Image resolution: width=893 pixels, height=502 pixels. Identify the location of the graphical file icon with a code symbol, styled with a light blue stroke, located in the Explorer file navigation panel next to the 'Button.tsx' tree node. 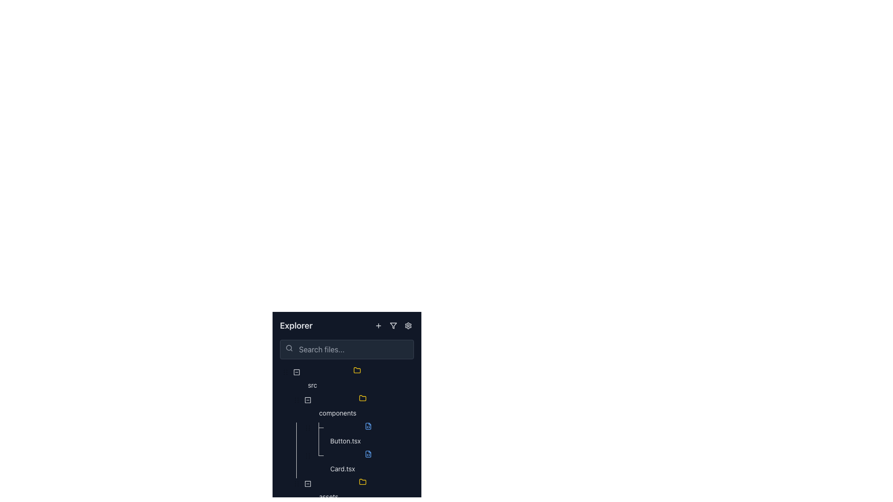
(368, 426).